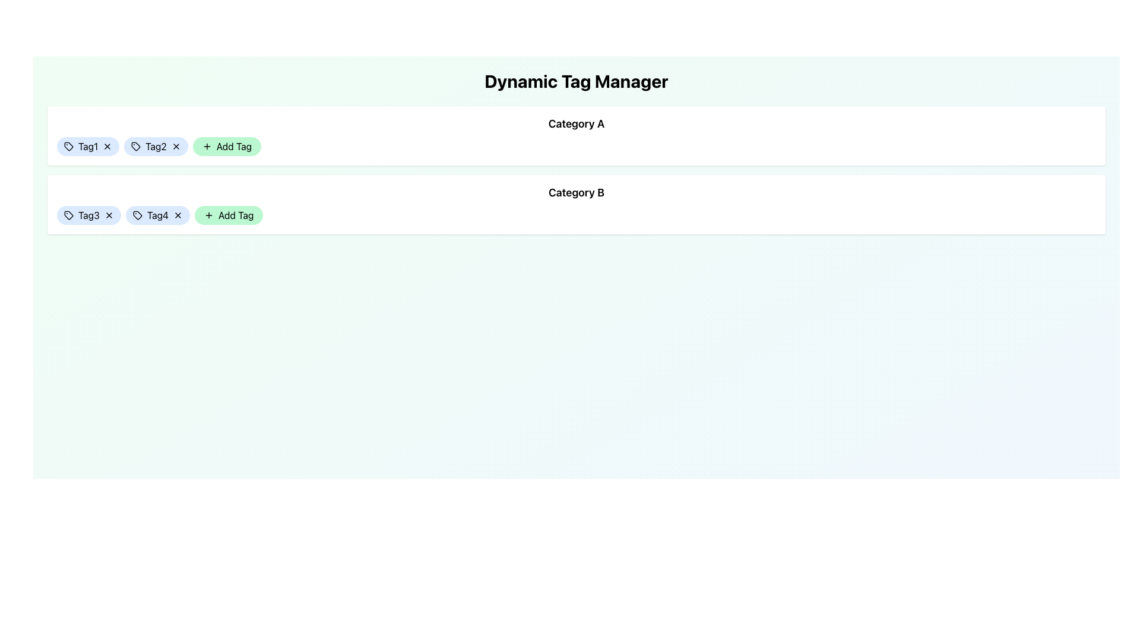 This screenshot has width=1140, height=641. What do you see at coordinates (157, 215) in the screenshot?
I see `the interactive tag labeled 'Tag4'` at bounding box center [157, 215].